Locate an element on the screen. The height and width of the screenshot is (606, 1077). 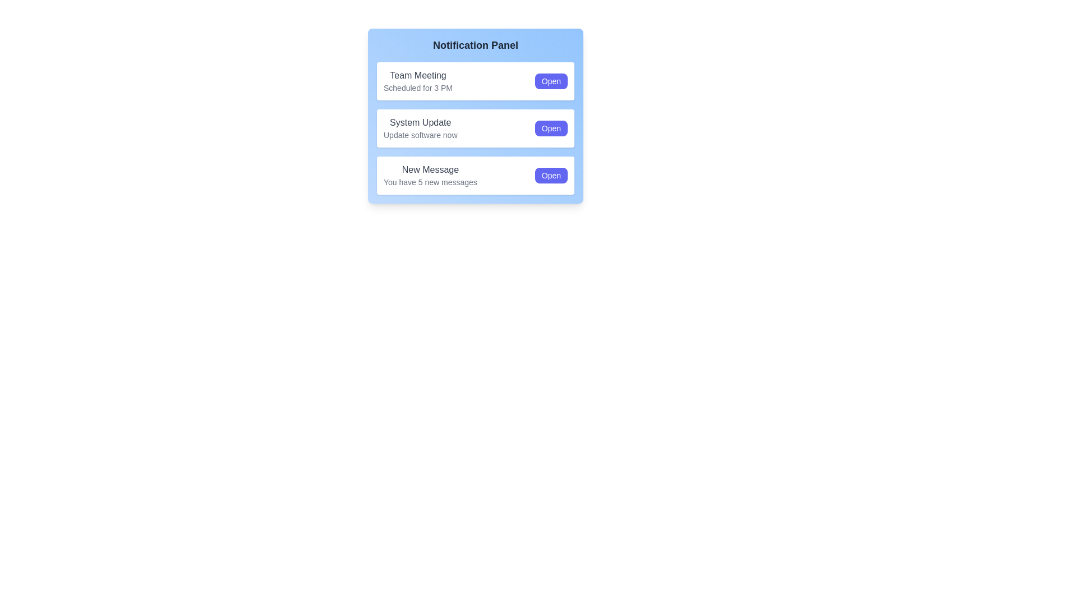
'Open' button for the notification with the title System Update is located at coordinates (551, 127).